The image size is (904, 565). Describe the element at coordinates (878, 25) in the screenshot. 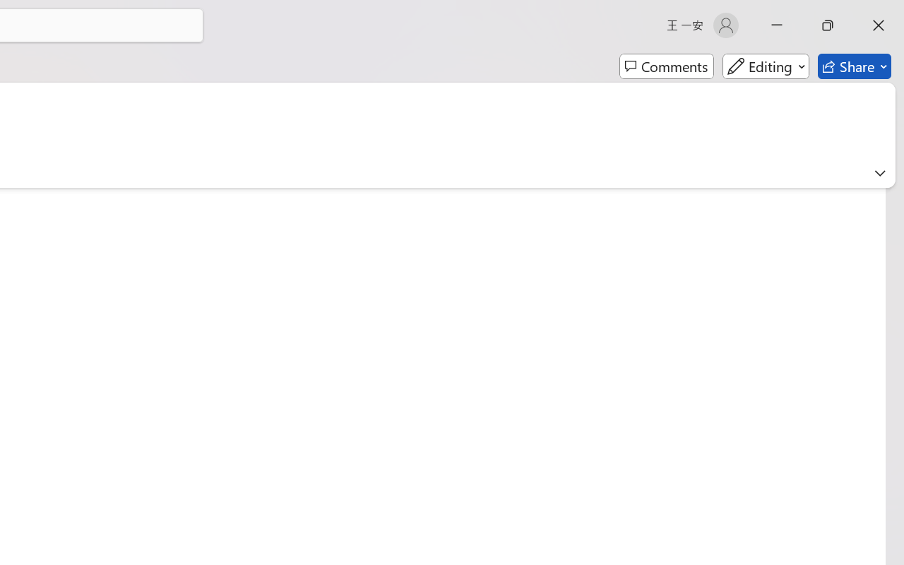

I see `'Close'` at that location.